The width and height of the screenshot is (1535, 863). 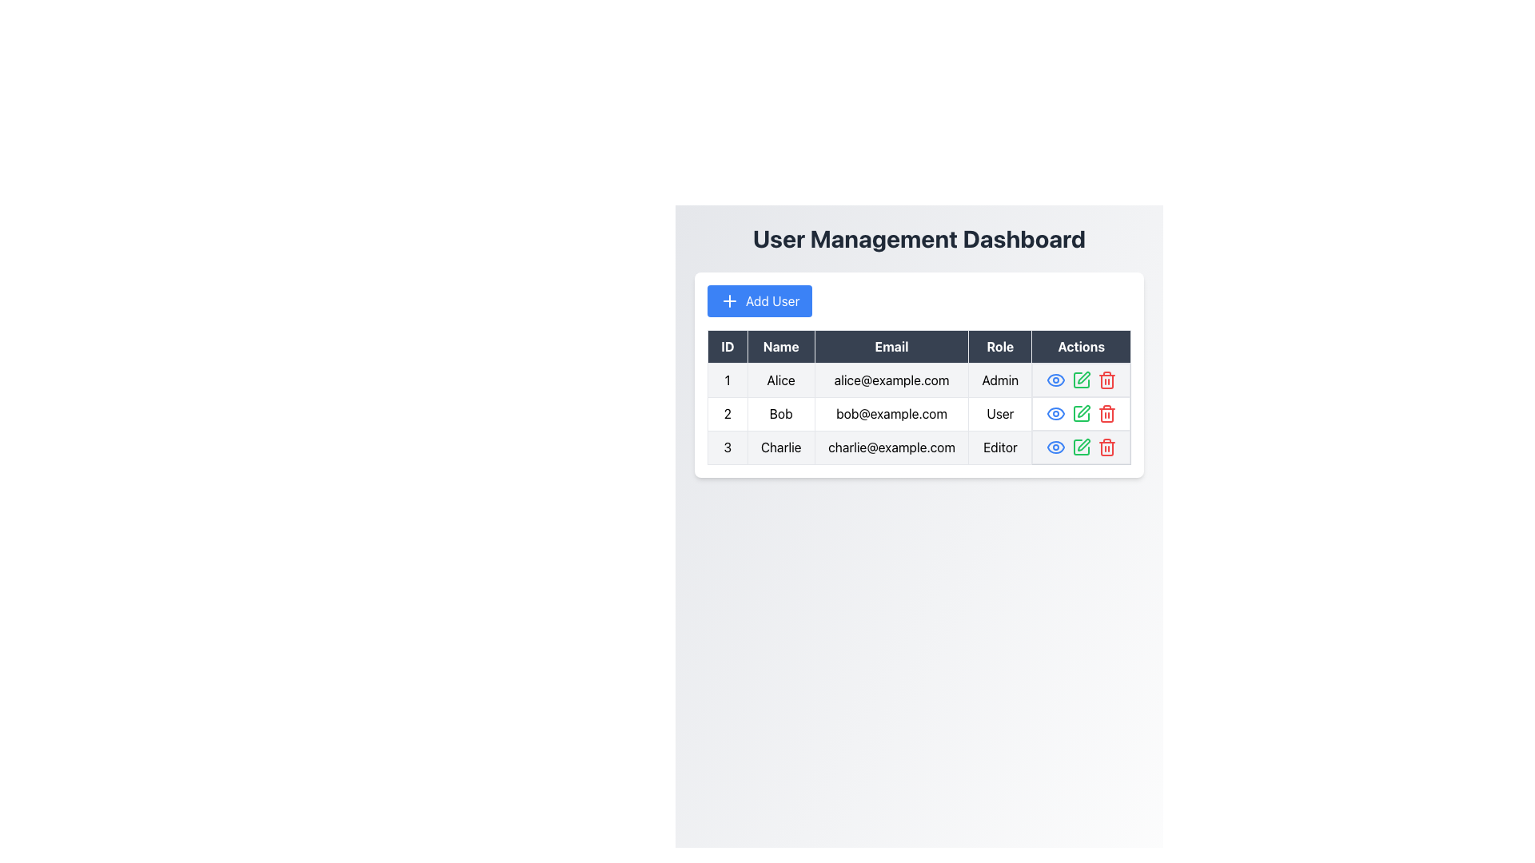 I want to click on the first square icon with rounded corners in the 'Actions' column of the table, so click(x=1081, y=412).